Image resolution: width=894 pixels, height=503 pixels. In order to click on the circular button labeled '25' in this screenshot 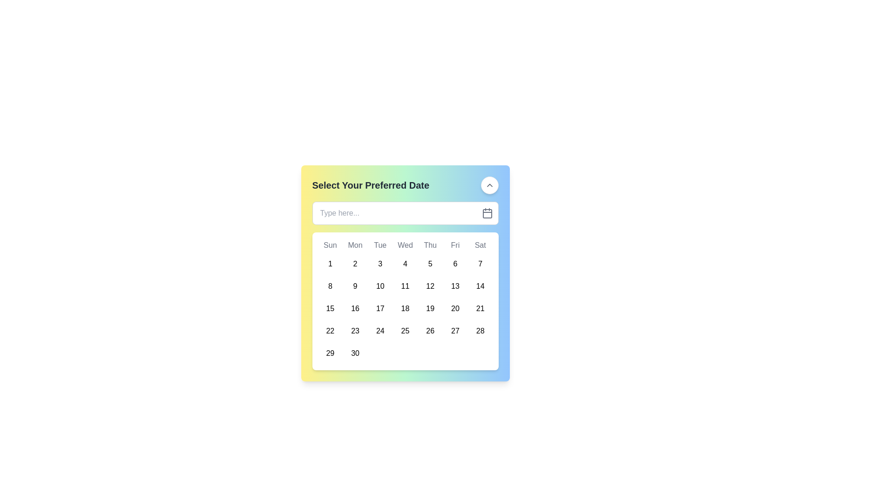, I will do `click(405, 330)`.